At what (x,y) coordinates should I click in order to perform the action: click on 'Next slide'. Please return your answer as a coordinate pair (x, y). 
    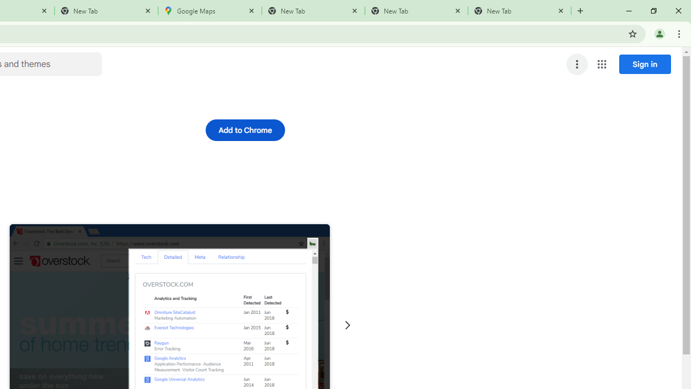
    Looking at the image, I should click on (347, 325).